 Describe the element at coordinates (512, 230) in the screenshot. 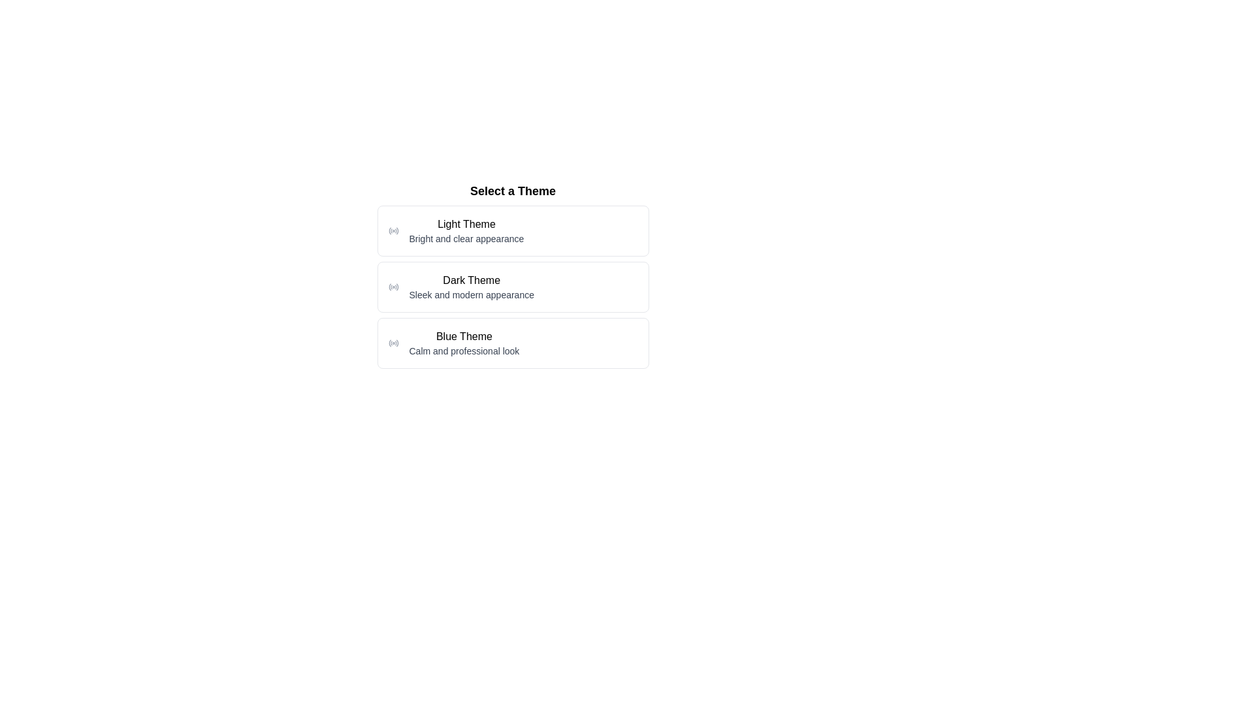

I see `the selectable option labeled 'Light Theme' which includes a radio button and descriptive text, positioned at the top of the 'Select a Theme' list` at that location.